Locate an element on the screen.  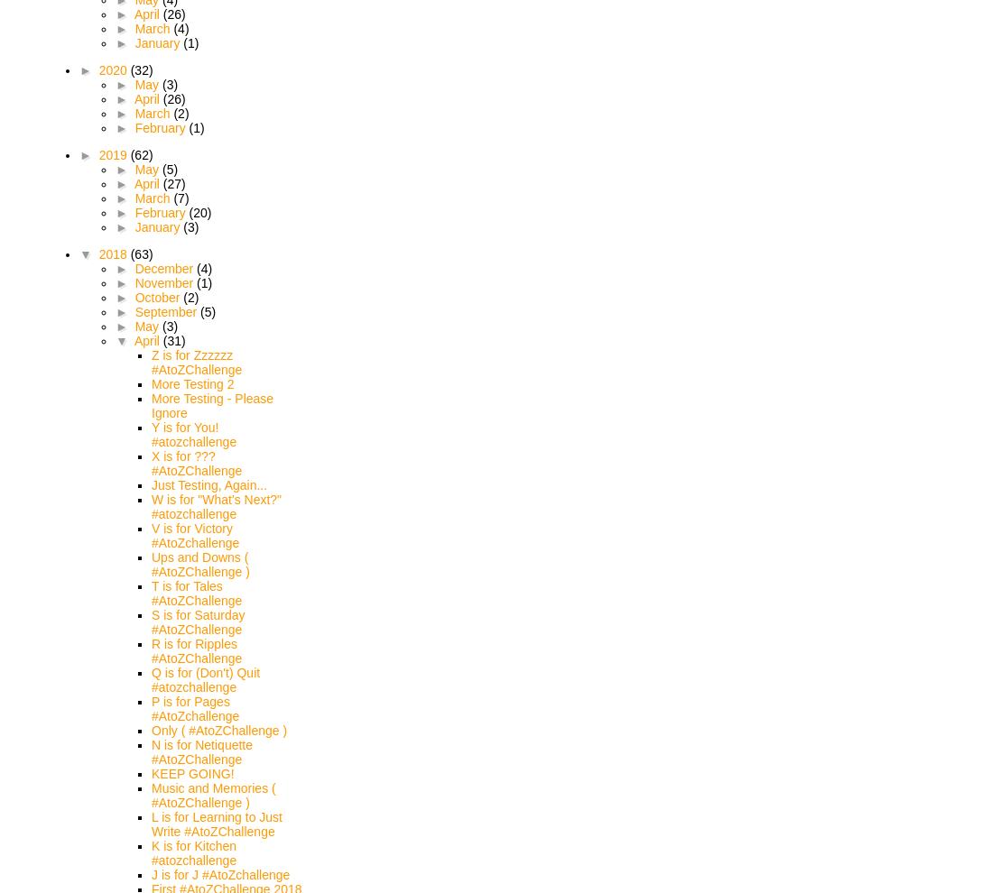
'September' is located at coordinates (166, 311).